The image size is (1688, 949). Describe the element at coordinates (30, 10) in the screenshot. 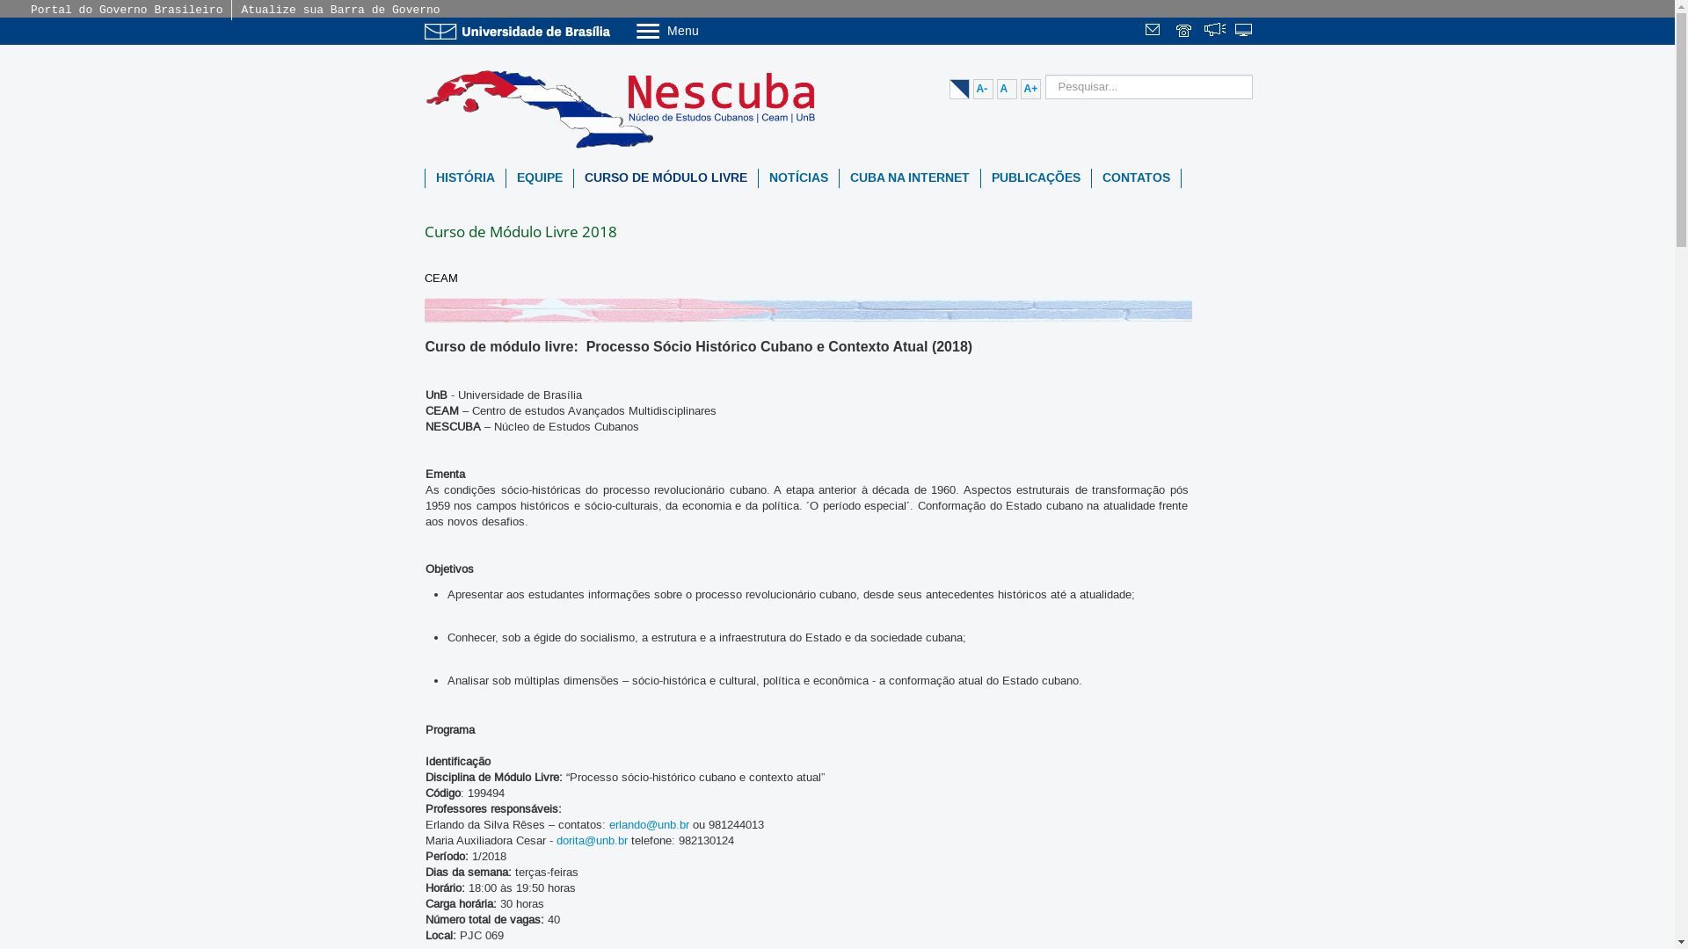

I see `'Portal do Governo Brasileiro'` at that location.